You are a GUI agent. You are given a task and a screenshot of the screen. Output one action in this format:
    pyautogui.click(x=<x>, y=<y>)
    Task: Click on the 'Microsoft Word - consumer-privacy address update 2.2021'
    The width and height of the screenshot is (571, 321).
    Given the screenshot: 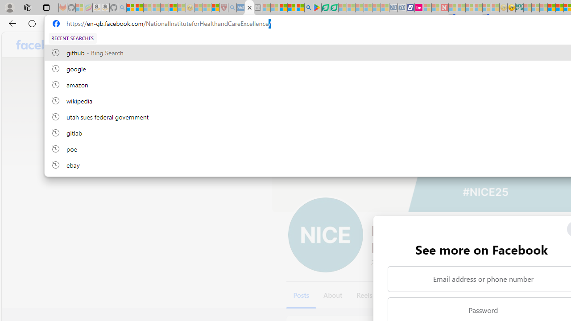 What is the action you would take?
    pyautogui.click(x=333, y=8)
    